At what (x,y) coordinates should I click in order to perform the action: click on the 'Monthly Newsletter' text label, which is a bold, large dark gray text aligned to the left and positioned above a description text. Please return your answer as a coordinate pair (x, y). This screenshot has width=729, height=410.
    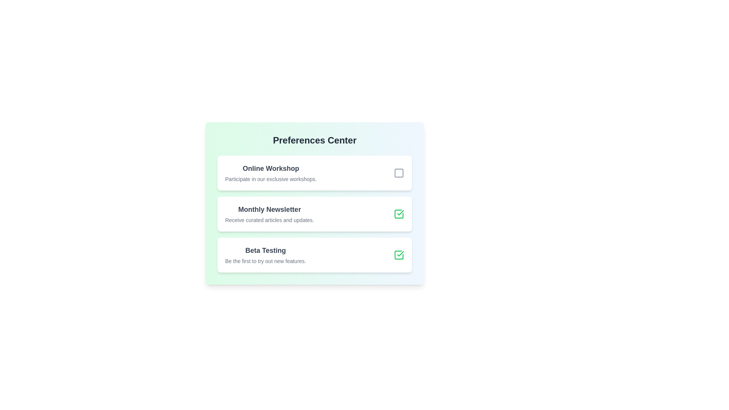
    Looking at the image, I should click on (270, 209).